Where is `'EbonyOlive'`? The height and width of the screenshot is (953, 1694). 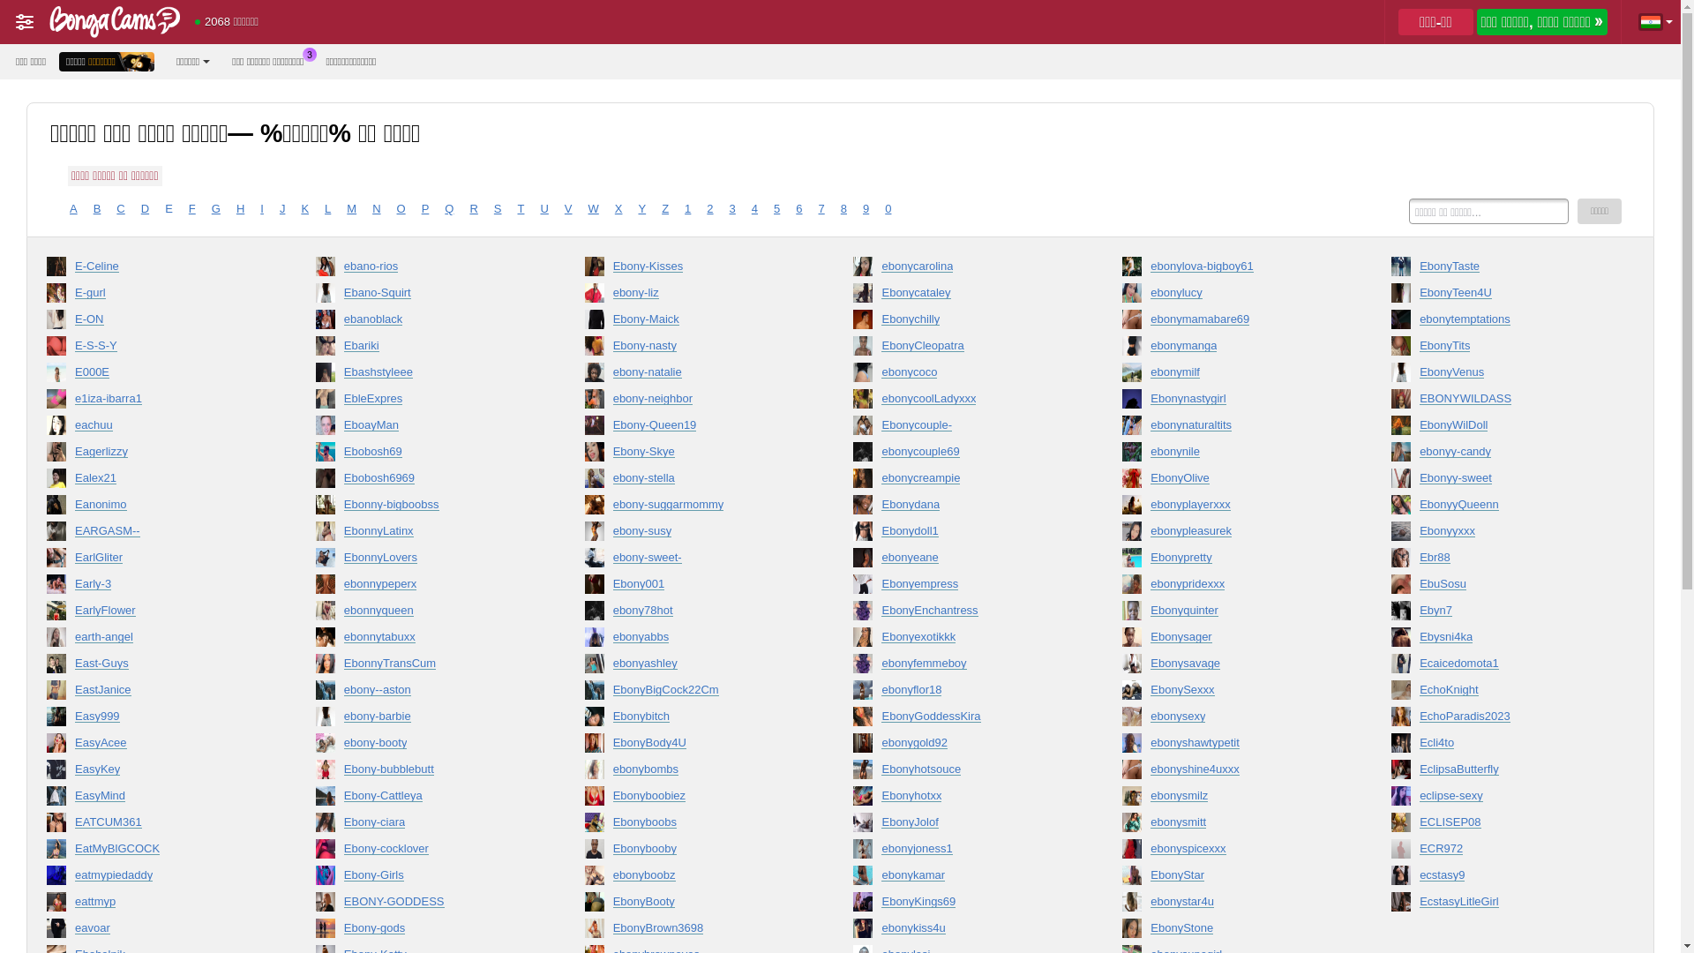 'EbonyOlive' is located at coordinates (1121, 482).